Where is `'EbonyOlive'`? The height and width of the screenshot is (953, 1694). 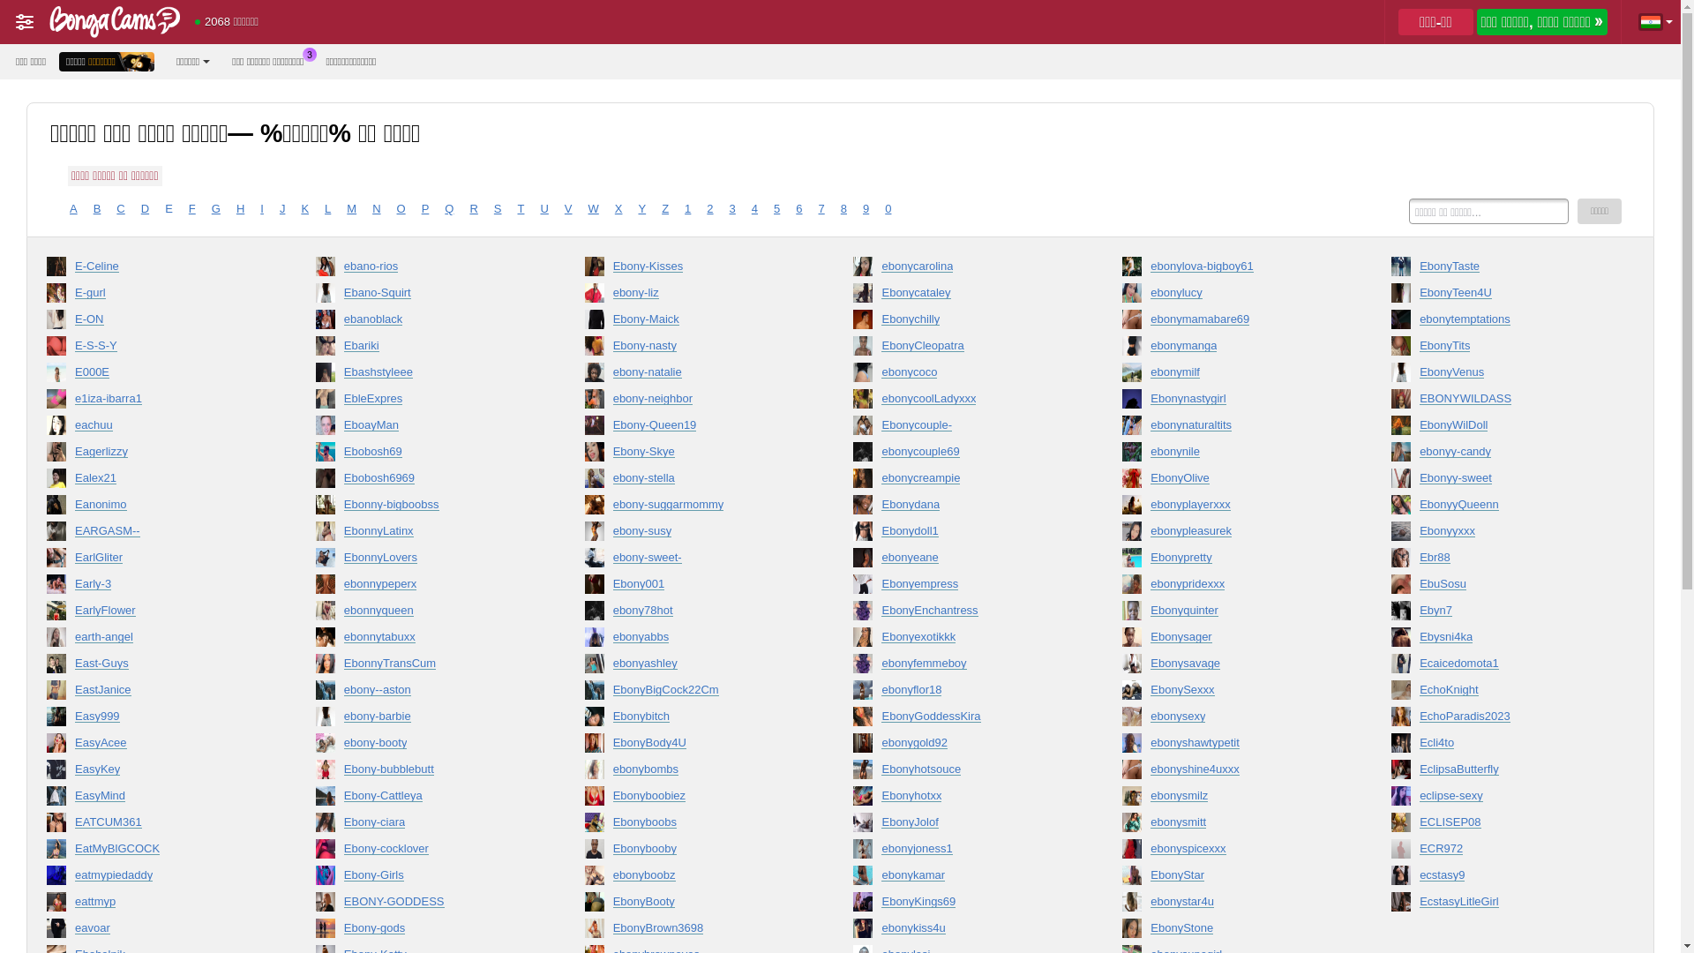 'EbonyOlive' is located at coordinates (1121, 482).